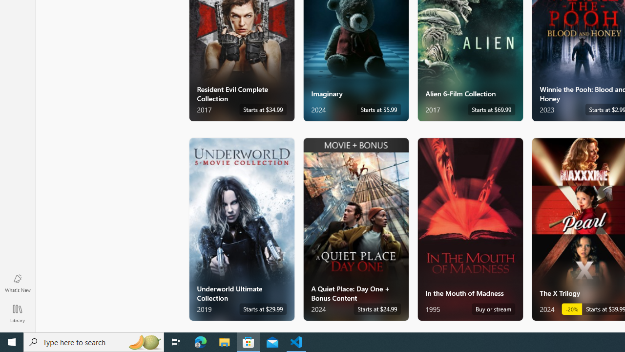 Image resolution: width=625 pixels, height=352 pixels. Describe the element at coordinates (17, 313) in the screenshot. I see `'Library'` at that location.